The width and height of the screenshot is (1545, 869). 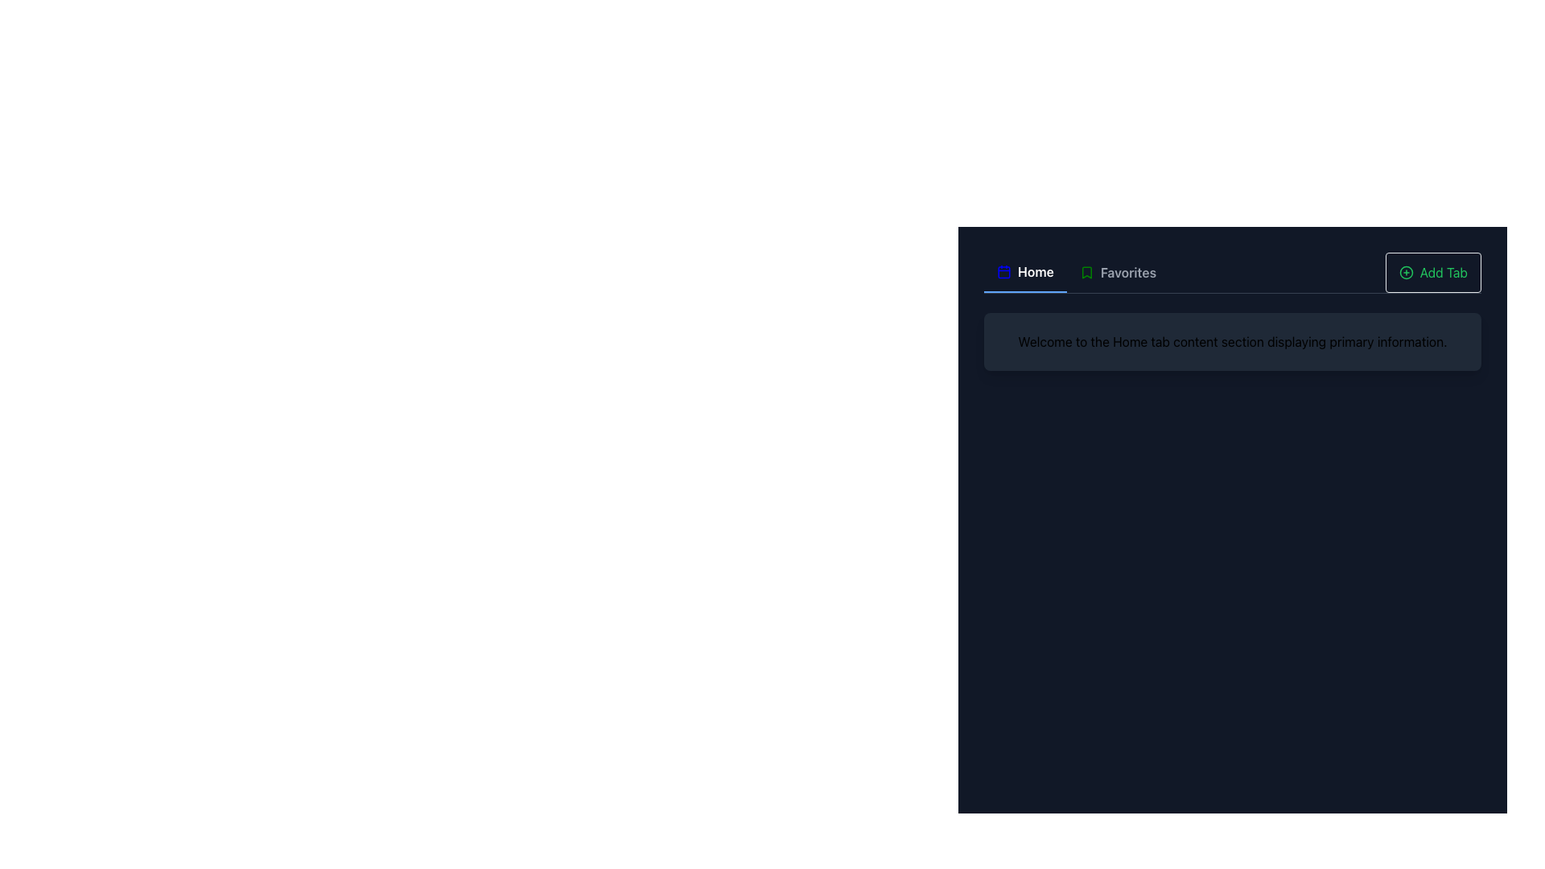 I want to click on the 'Home' button with a calendar icon, which is the leftmost button in the top navigation bar, so click(x=1024, y=272).